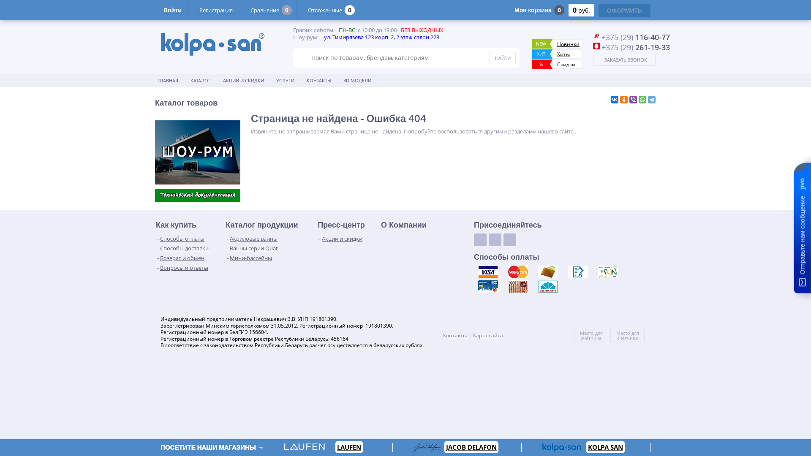  What do you see at coordinates (212, 43) in the screenshot?
I see `'kolpa-san_logo.png'` at bounding box center [212, 43].